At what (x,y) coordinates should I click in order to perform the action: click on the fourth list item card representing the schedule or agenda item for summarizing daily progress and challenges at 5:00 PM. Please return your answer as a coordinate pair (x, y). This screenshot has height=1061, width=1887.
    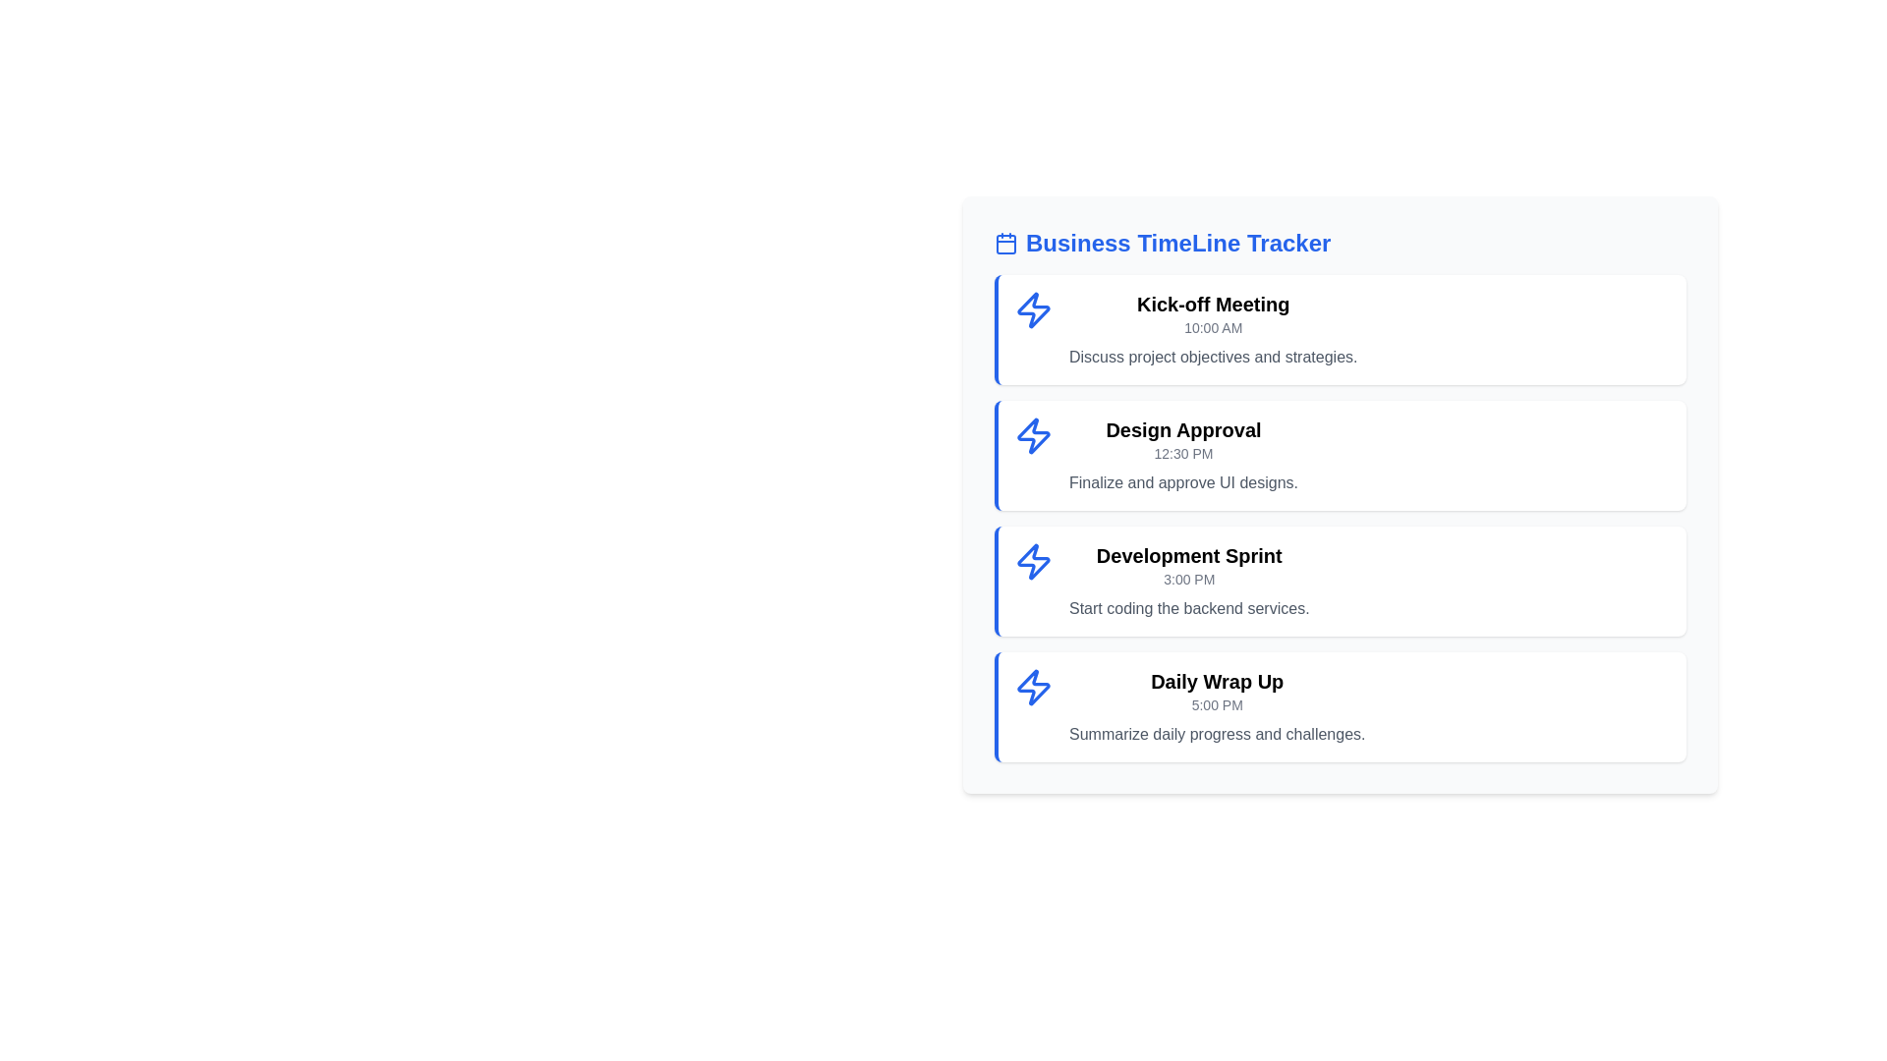
    Looking at the image, I should click on (1339, 707).